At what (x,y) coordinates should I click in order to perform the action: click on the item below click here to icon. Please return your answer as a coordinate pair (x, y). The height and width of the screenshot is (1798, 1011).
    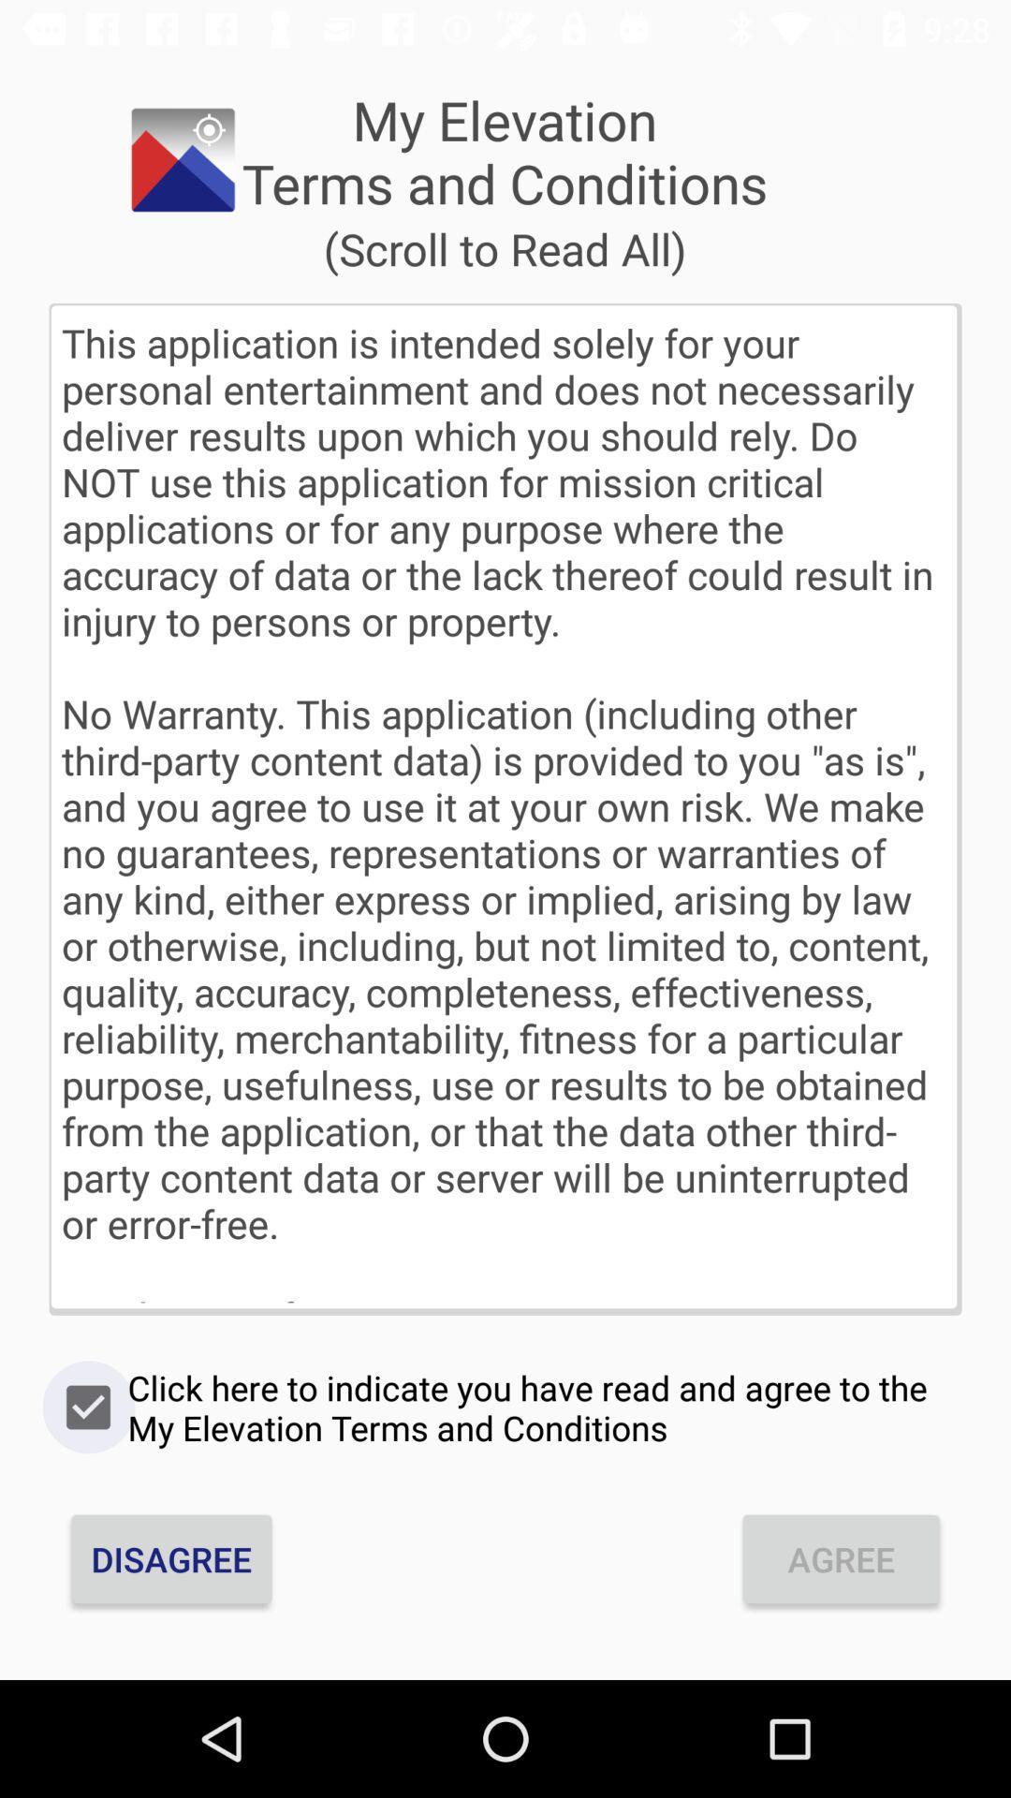
    Looking at the image, I should click on (171, 1559).